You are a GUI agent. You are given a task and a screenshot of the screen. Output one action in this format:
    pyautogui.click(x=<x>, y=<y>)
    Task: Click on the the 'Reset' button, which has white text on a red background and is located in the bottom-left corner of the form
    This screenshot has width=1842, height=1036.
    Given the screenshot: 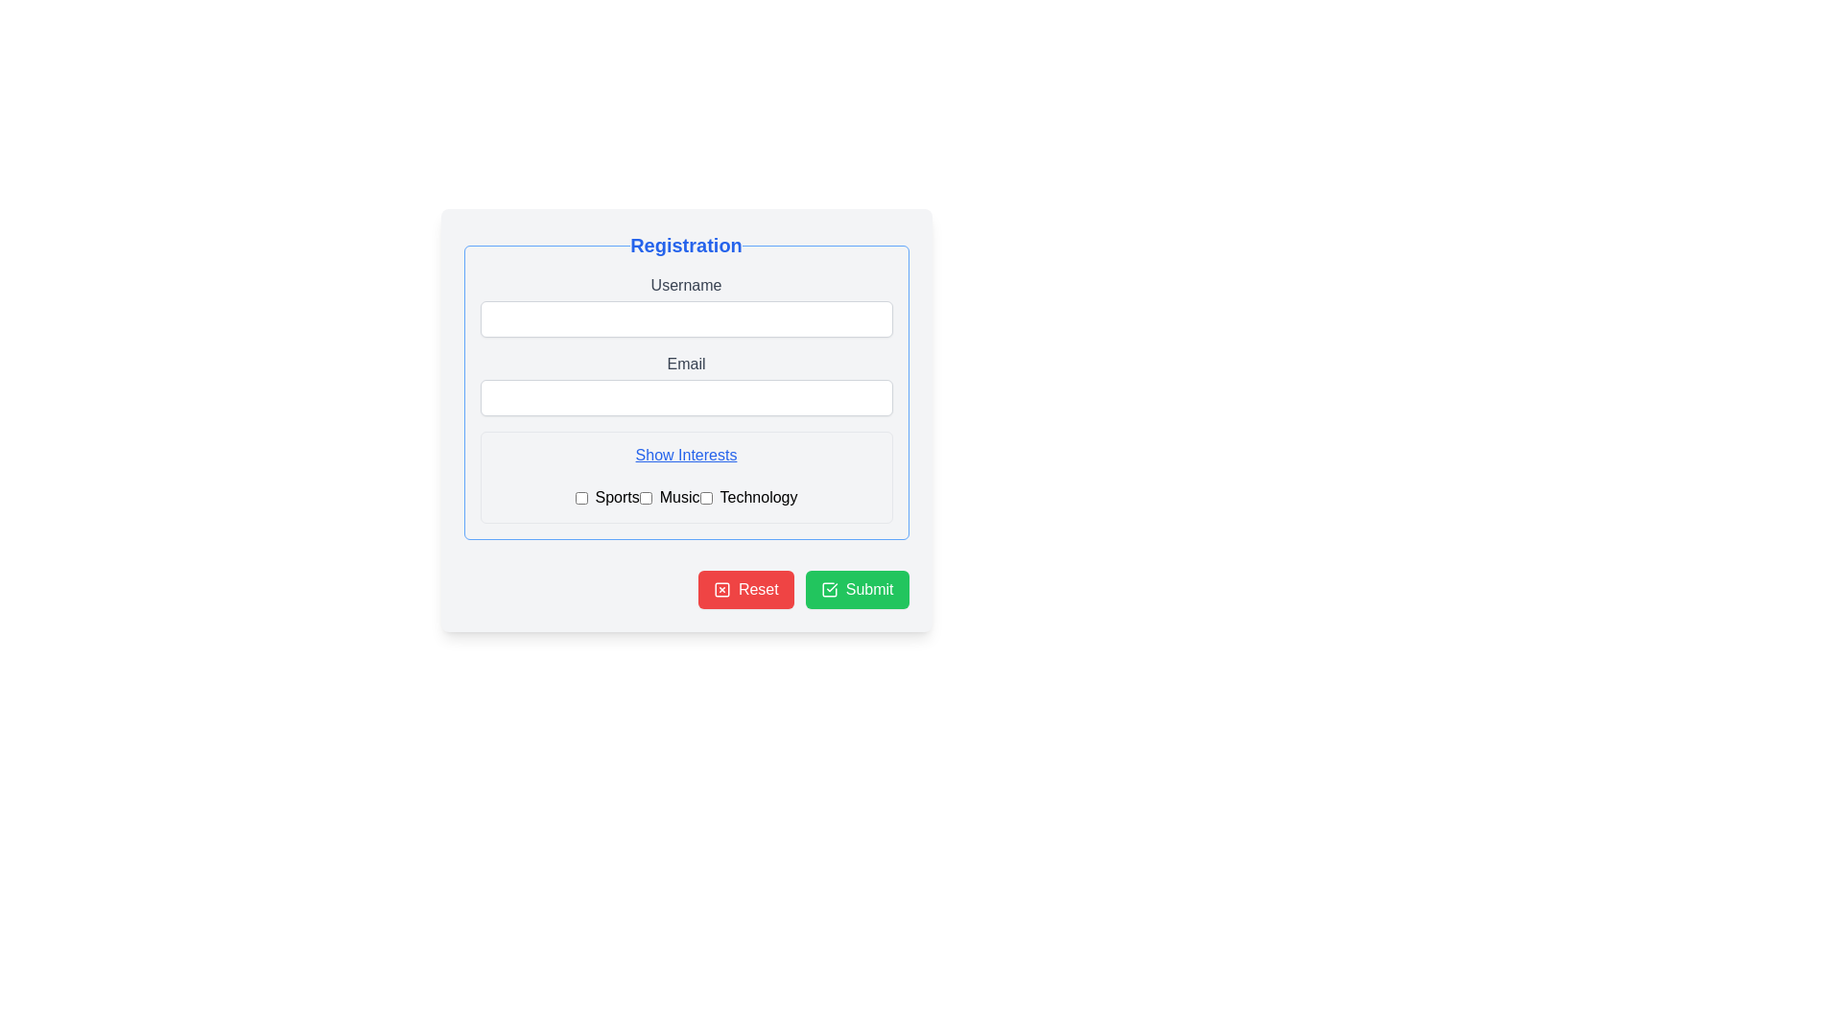 What is the action you would take?
    pyautogui.click(x=757, y=588)
    